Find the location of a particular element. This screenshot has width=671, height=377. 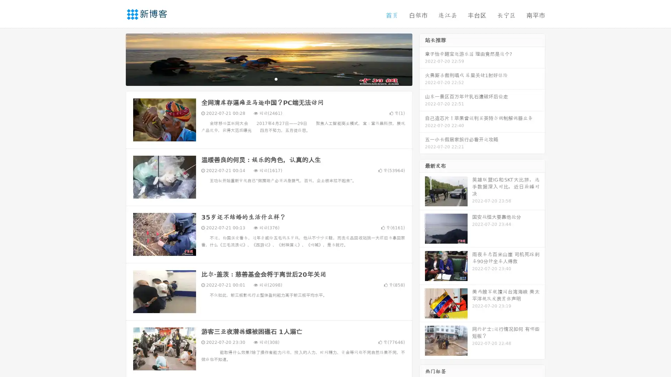

Previous slide is located at coordinates (115, 59).